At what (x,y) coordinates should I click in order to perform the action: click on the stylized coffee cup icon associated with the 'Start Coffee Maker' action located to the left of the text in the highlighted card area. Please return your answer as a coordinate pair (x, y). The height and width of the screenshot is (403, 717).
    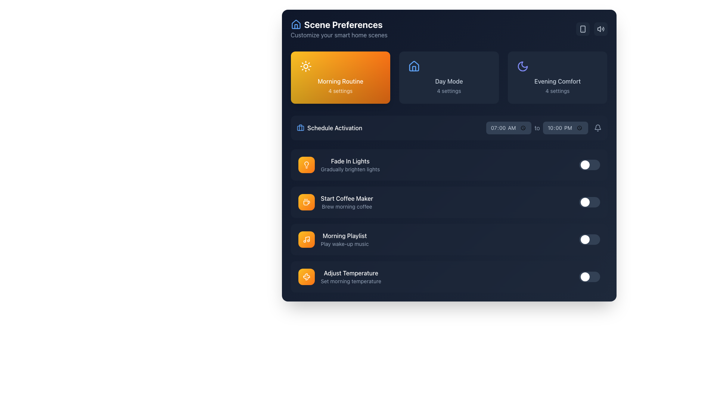
    Looking at the image, I should click on (306, 203).